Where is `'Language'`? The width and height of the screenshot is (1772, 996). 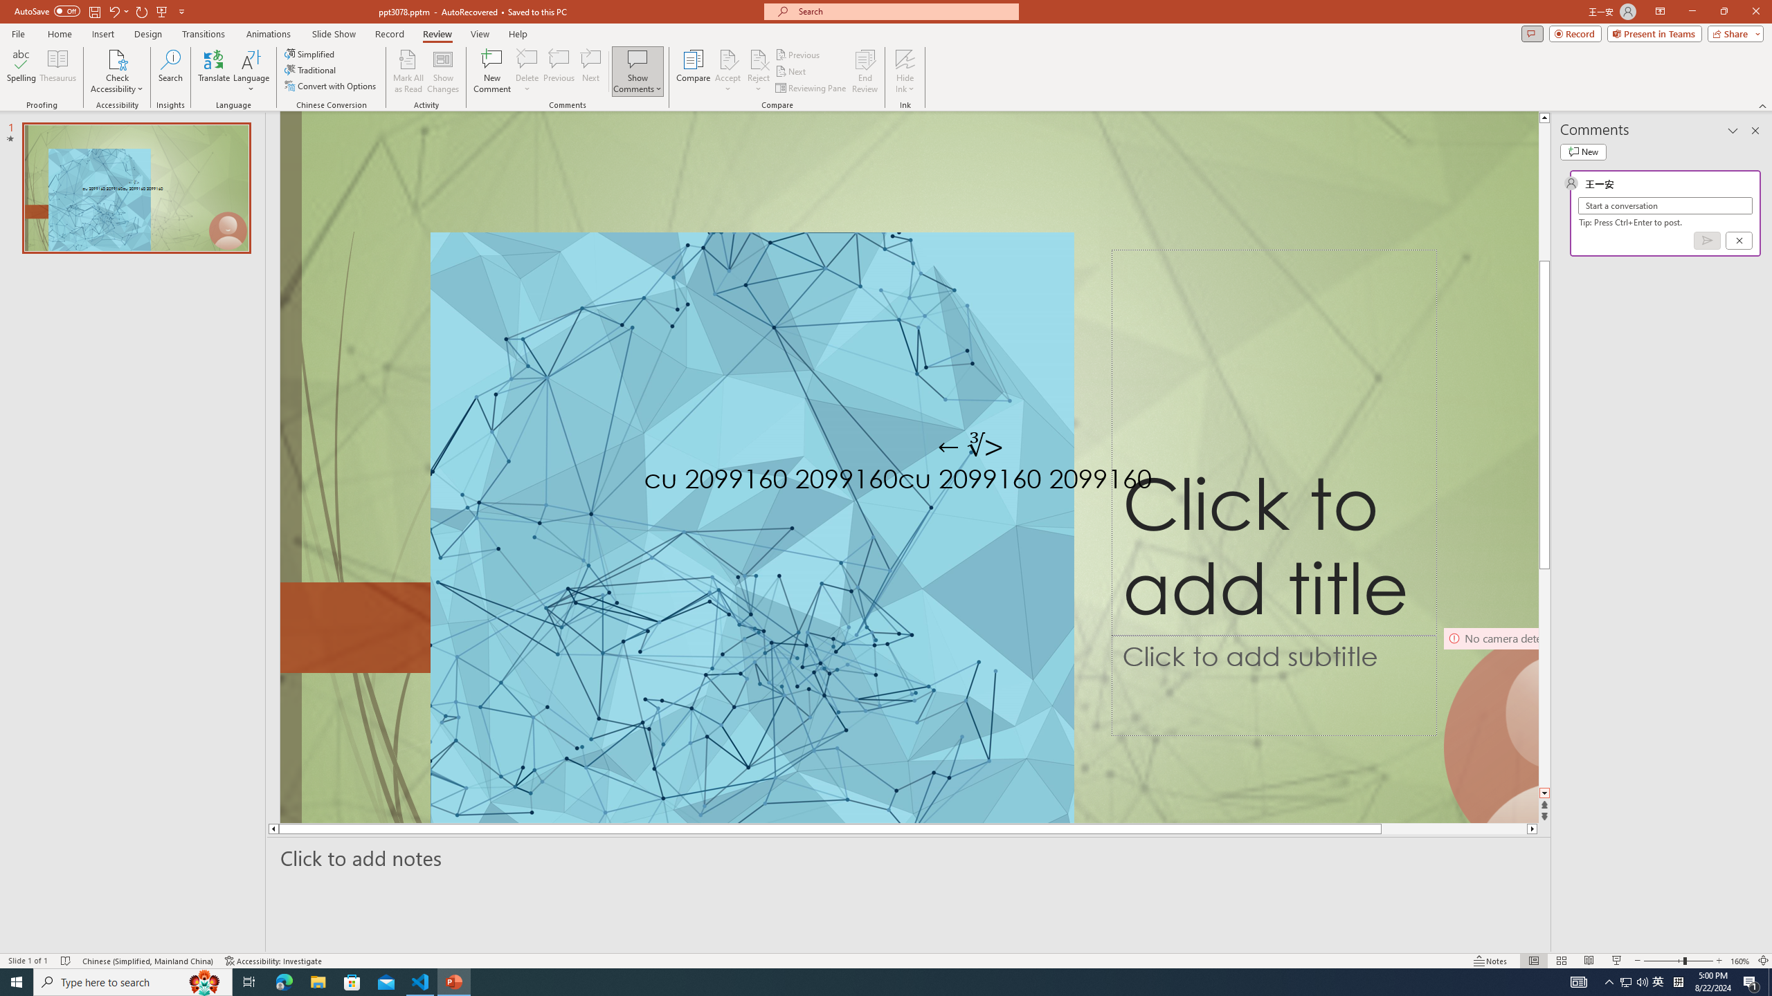
'Language' is located at coordinates (251, 71).